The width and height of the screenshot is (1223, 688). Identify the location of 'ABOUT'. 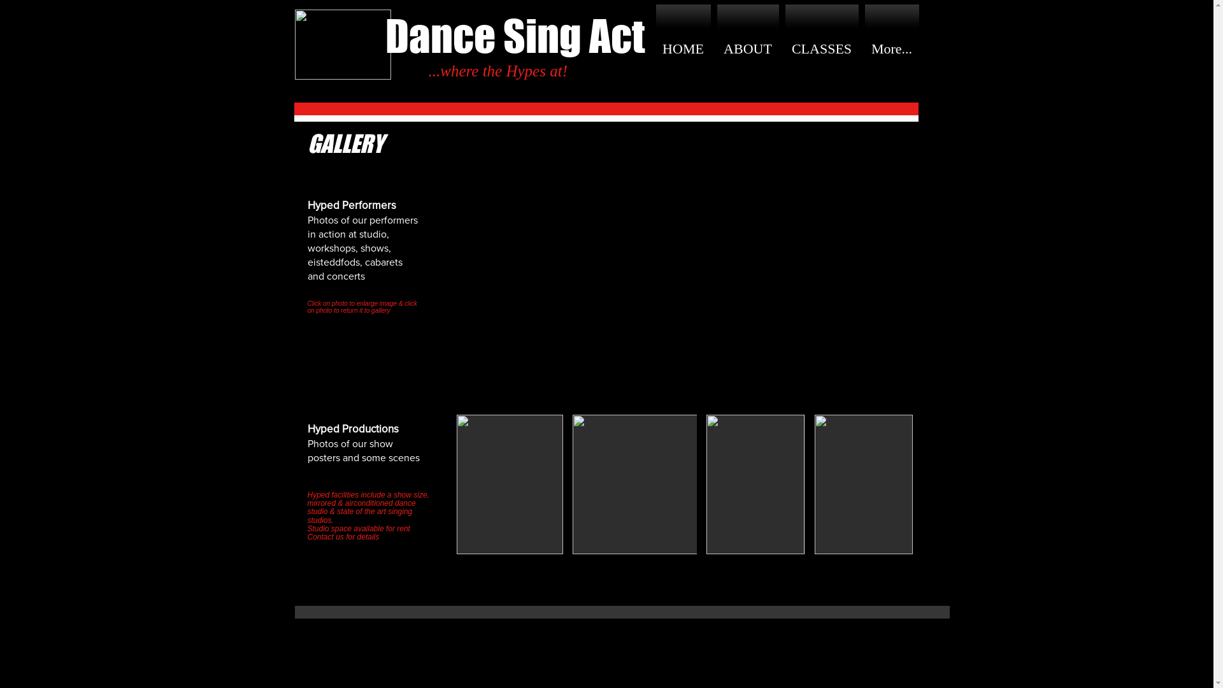
(747, 48).